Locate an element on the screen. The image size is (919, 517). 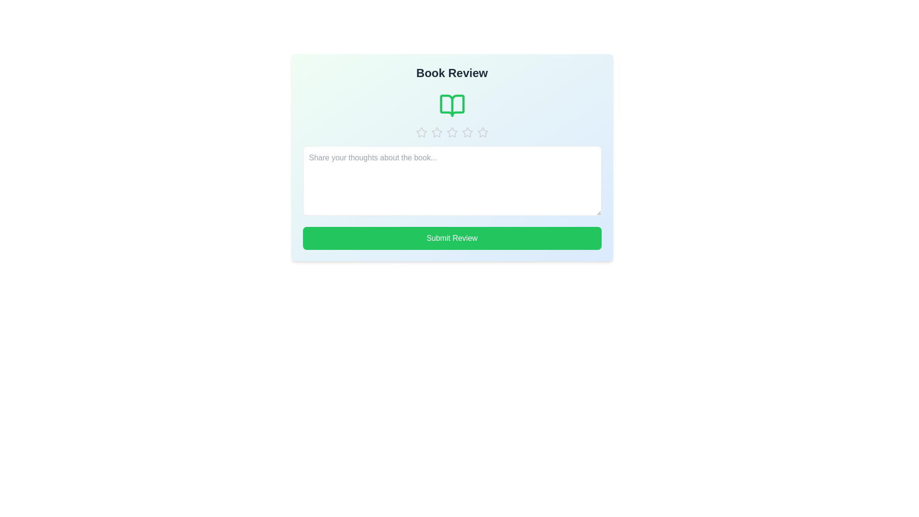
the book rating to 1 stars by clicking the corresponding star is located at coordinates (421, 133).